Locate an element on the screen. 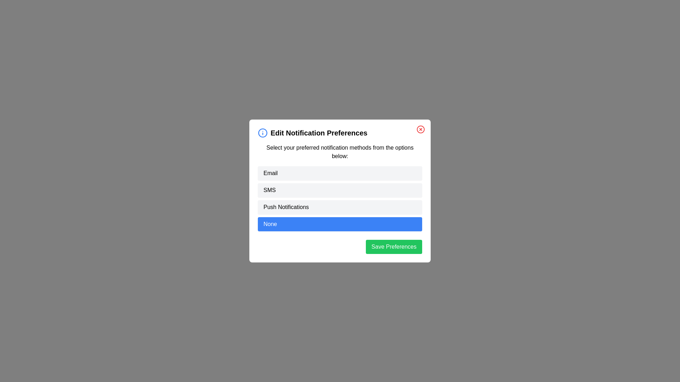  the option Push Notifications from the list by clicking on it is located at coordinates (340, 207).